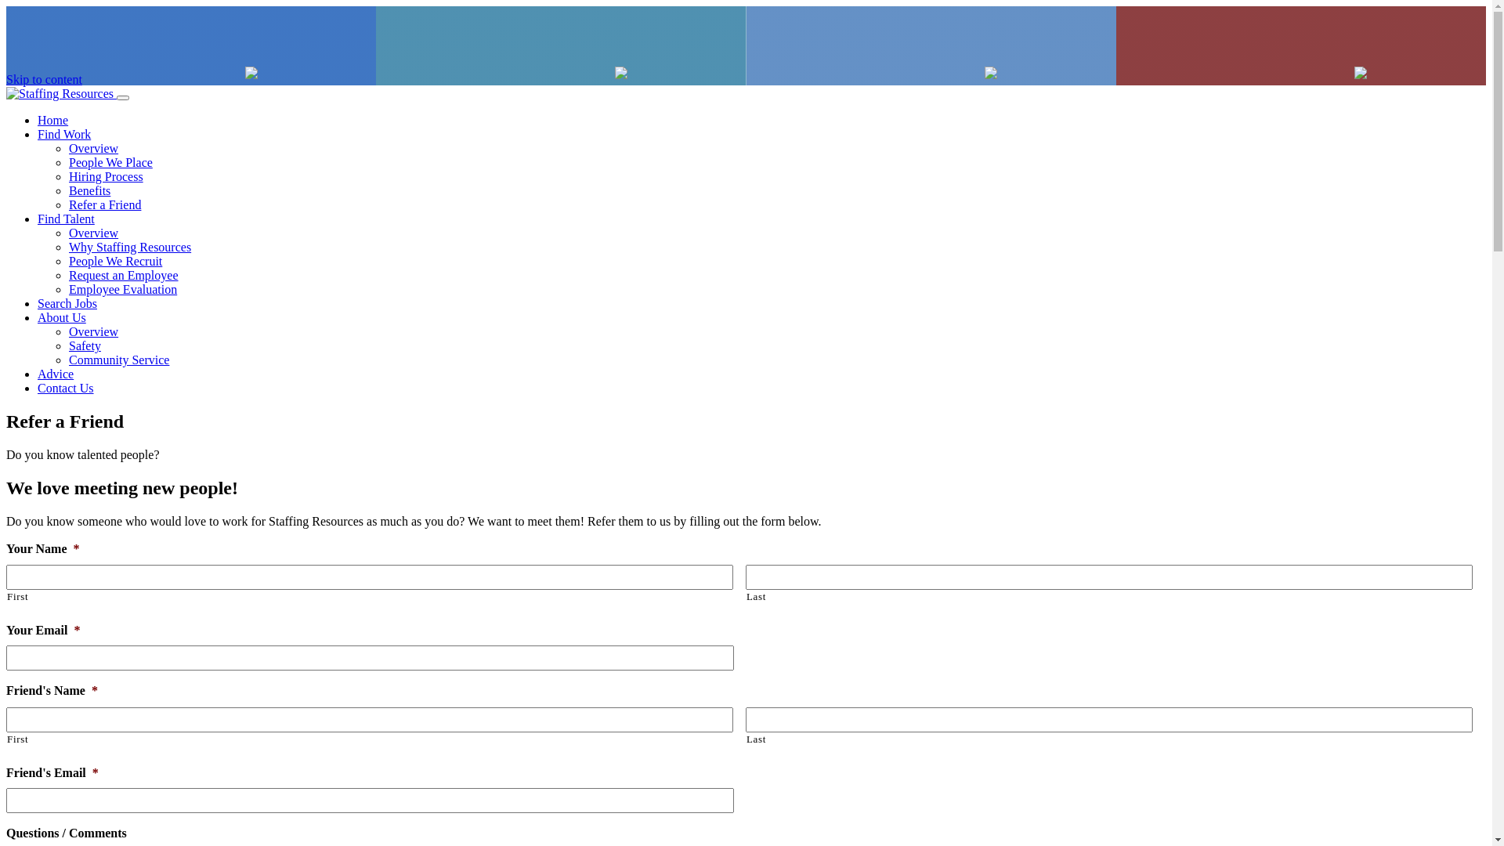  What do you see at coordinates (92, 331) in the screenshot?
I see `'Overview'` at bounding box center [92, 331].